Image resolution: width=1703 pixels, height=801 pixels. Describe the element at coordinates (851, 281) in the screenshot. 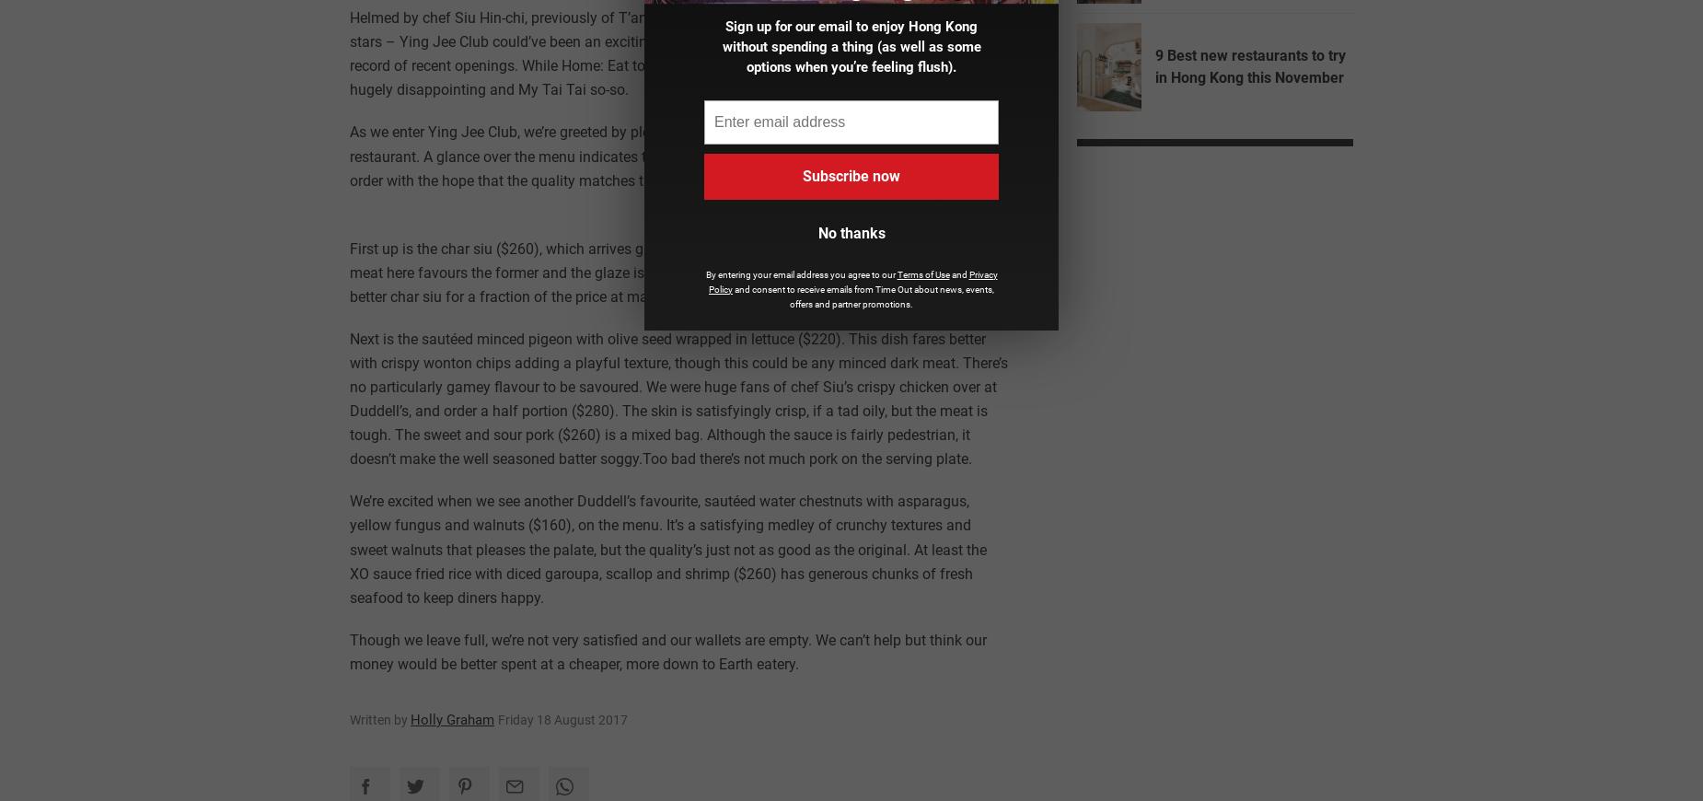

I see `'Privacy Policy'` at that location.